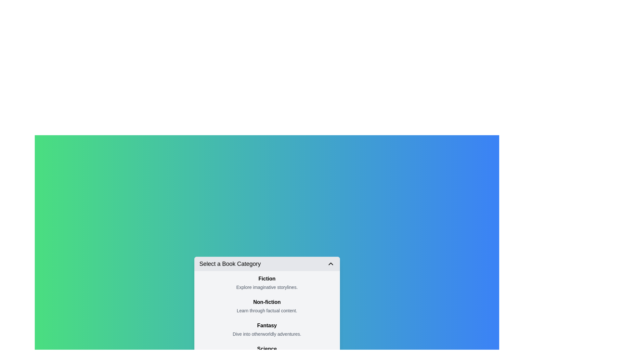 This screenshot has width=624, height=351. Describe the element at coordinates (267, 326) in the screenshot. I see `the text label that says 'Fantasy', which is a bold header on a light-gray background, located at the center of the bounding box coordinates` at that location.